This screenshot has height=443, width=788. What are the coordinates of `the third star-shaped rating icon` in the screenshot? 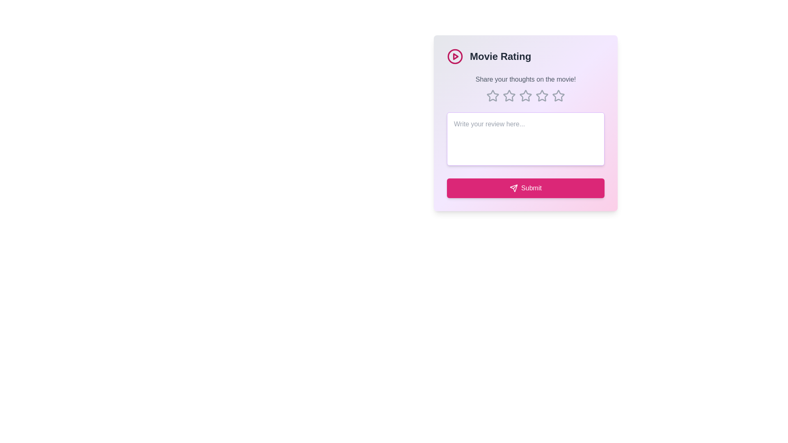 It's located at (509, 96).